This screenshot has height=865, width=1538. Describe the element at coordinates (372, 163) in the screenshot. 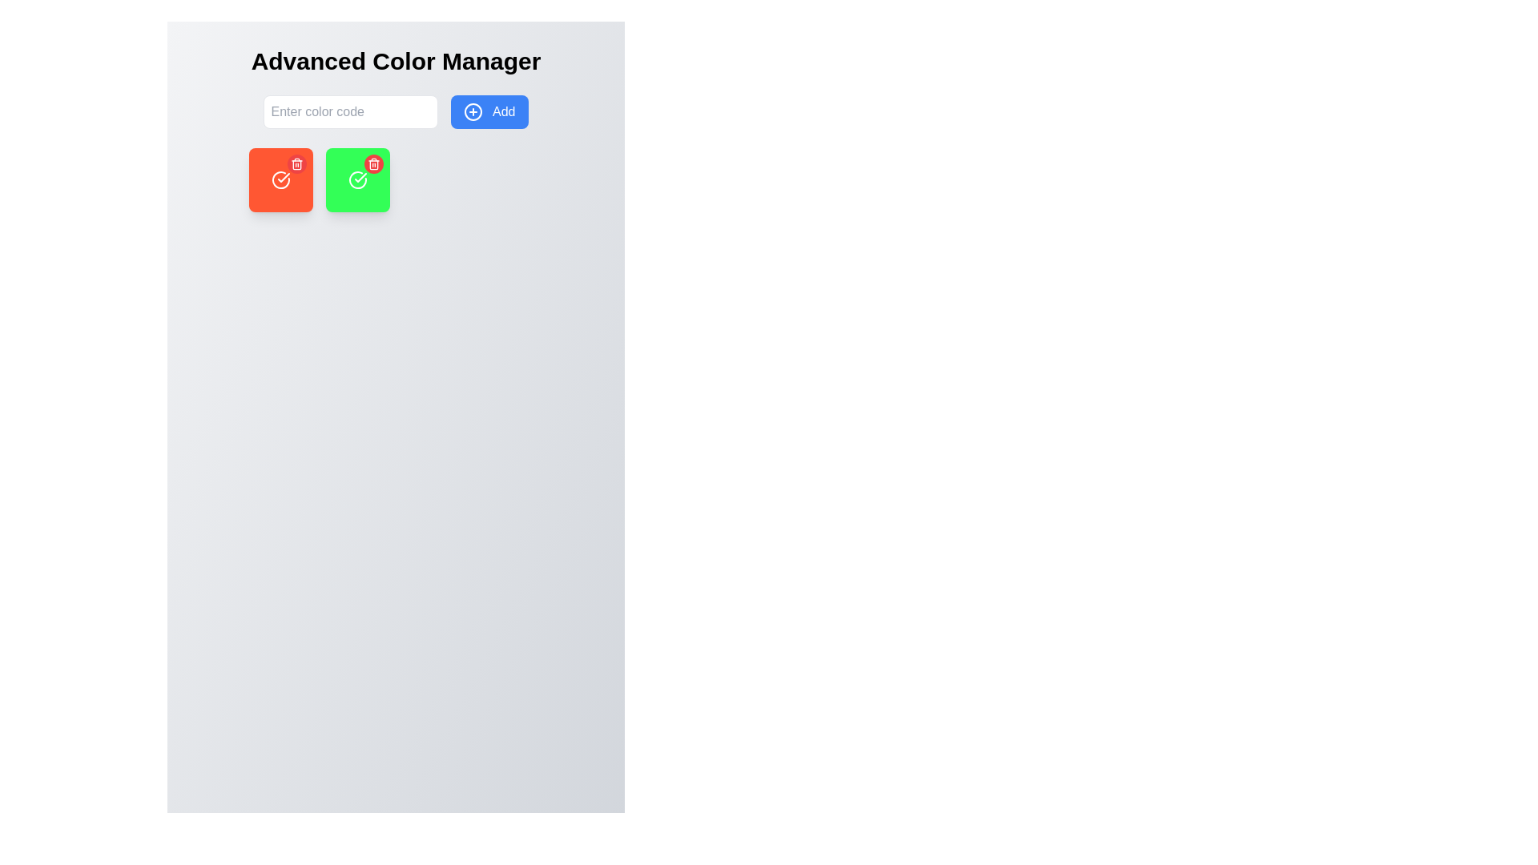

I see `the Trash Icon, which is located within a red circular button in the top-right corner of the red rectangle that represents a color item` at that location.